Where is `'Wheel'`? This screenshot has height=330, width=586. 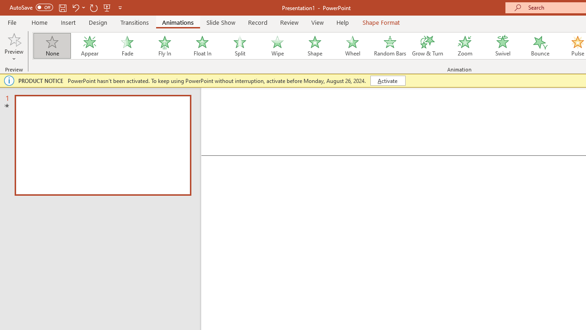
'Wheel' is located at coordinates (352, 46).